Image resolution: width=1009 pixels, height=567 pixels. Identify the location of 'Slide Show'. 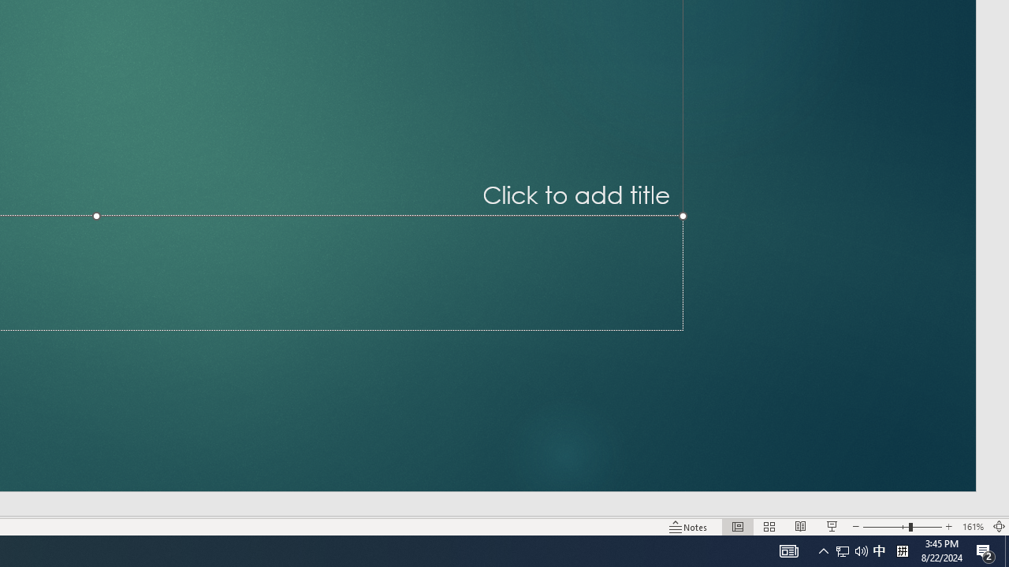
(832, 527).